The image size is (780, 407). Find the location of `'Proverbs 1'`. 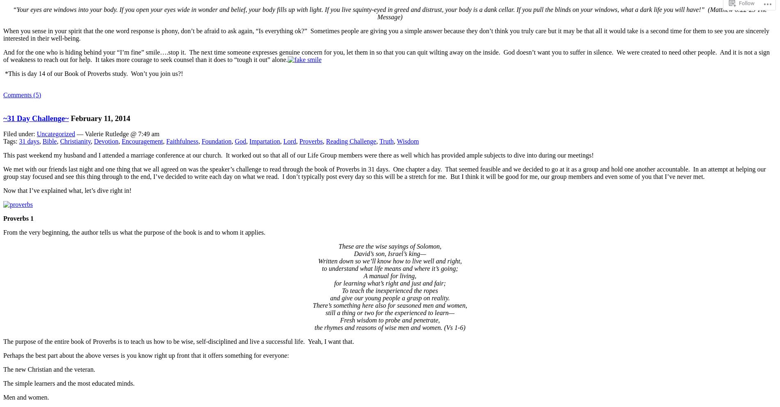

'Proverbs 1' is located at coordinates (18, 218).